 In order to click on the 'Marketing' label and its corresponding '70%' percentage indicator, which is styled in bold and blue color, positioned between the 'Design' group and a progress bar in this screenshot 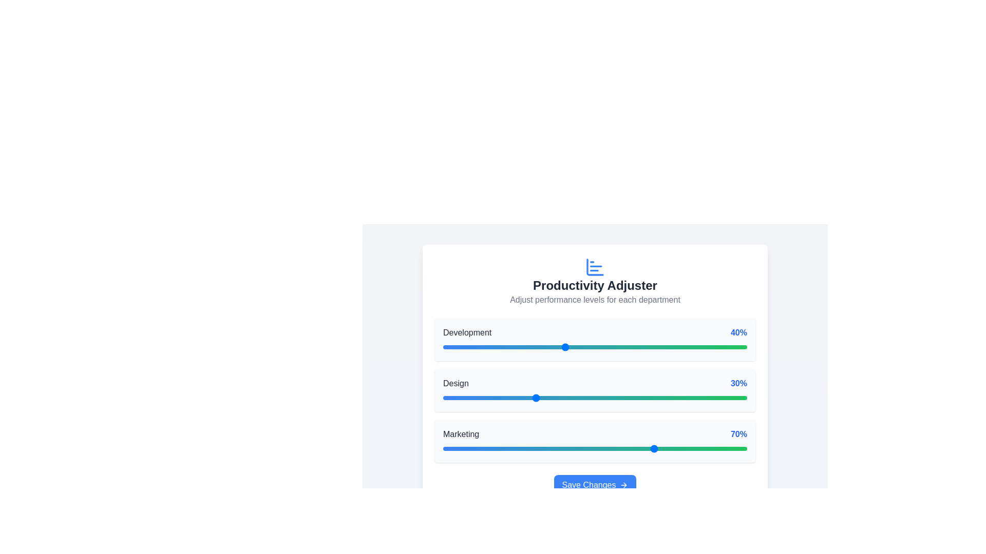, I will do `click(595, 434)`.